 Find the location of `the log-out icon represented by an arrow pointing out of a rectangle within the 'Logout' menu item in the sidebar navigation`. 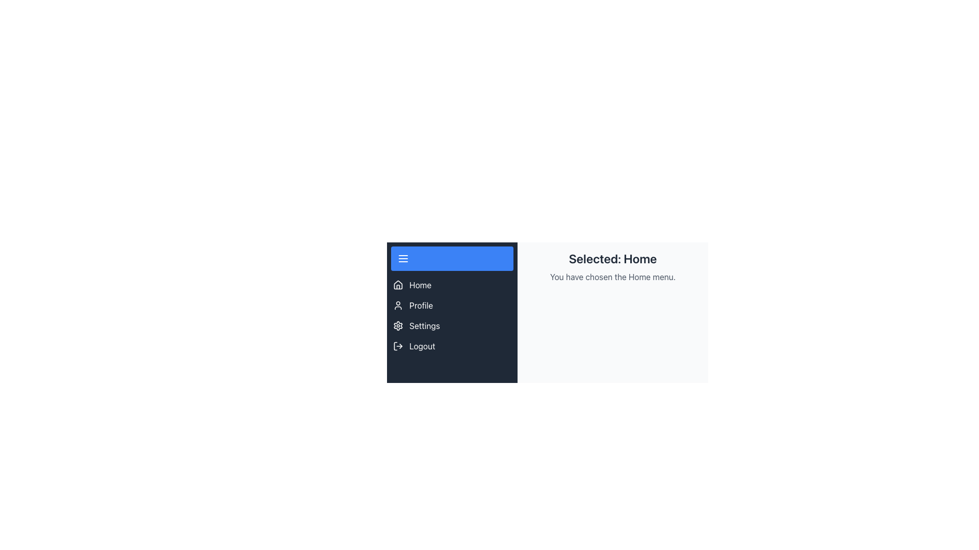

the log-out icon represented by an arrow pointing out of a rectangle within the 'Logout' menu item in the sidebar navigation is located at coordinates (398, 345).